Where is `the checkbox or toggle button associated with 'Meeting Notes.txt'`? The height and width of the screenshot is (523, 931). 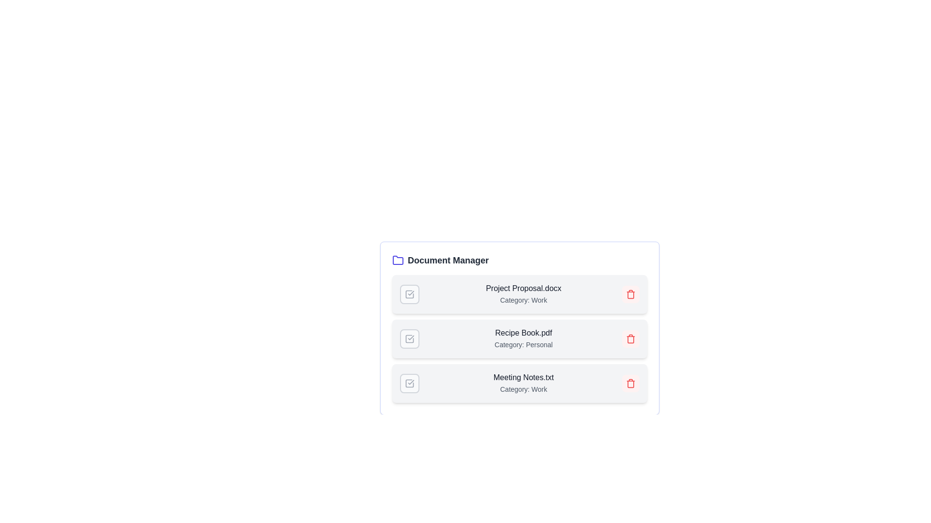 the checkbox or toggle button associated with 'Meeting Notes.txt' is located at coordinates (409, 383).